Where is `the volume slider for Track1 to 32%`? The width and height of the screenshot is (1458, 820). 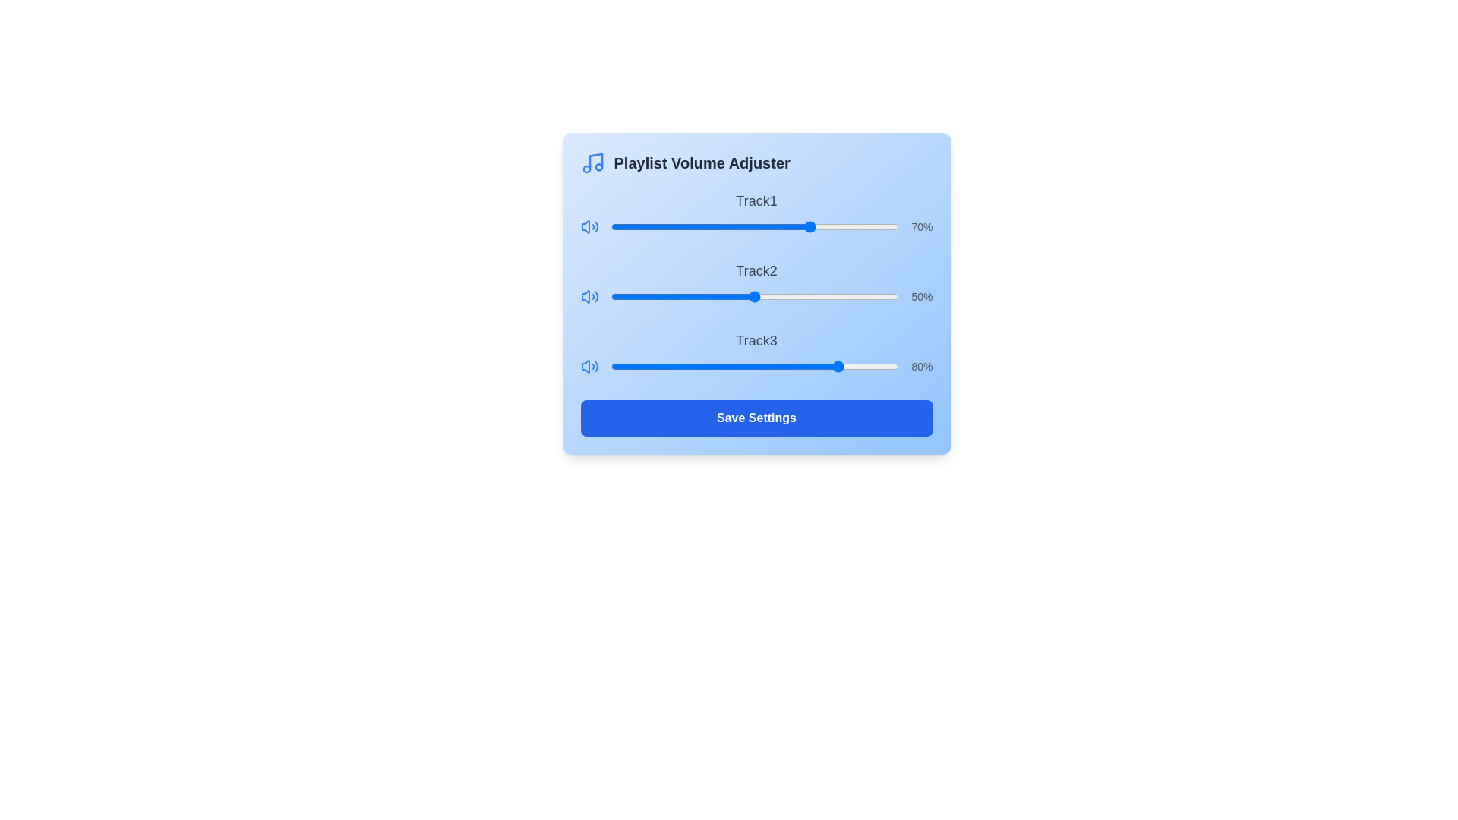 the volume slider for Track1 to 32% is located at coordinates (702, 227).